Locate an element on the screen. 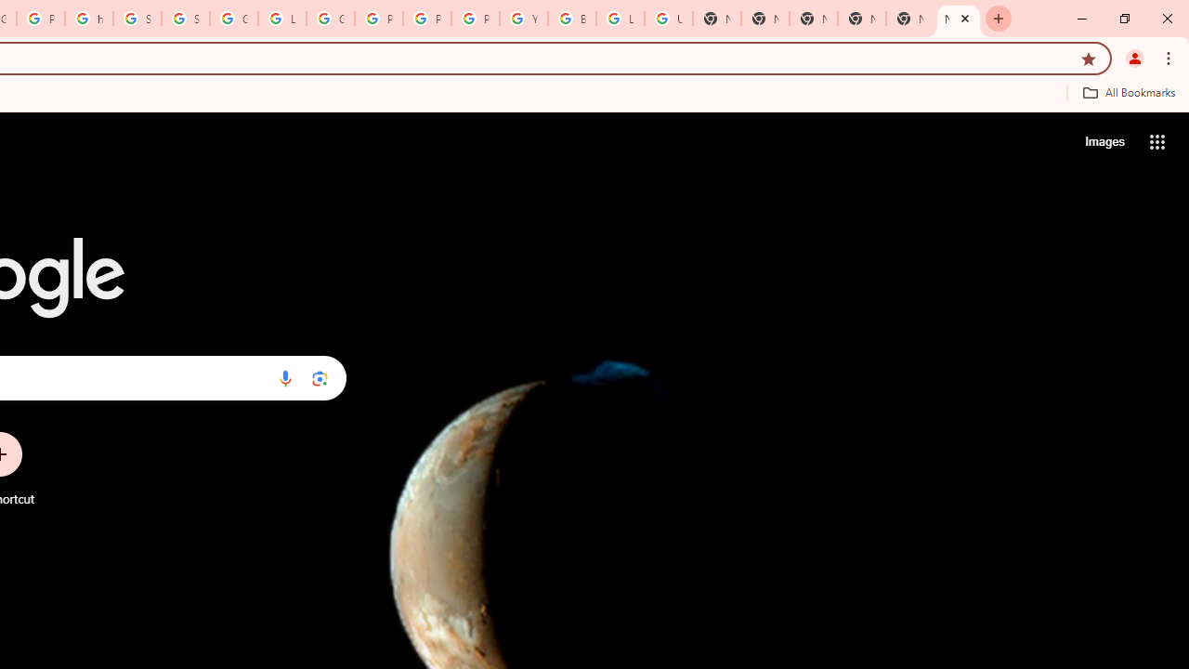 The height and width of the screenshot is (669, 1189). 'Sign in - Google Accounts' is located at coordinates (136, 19).